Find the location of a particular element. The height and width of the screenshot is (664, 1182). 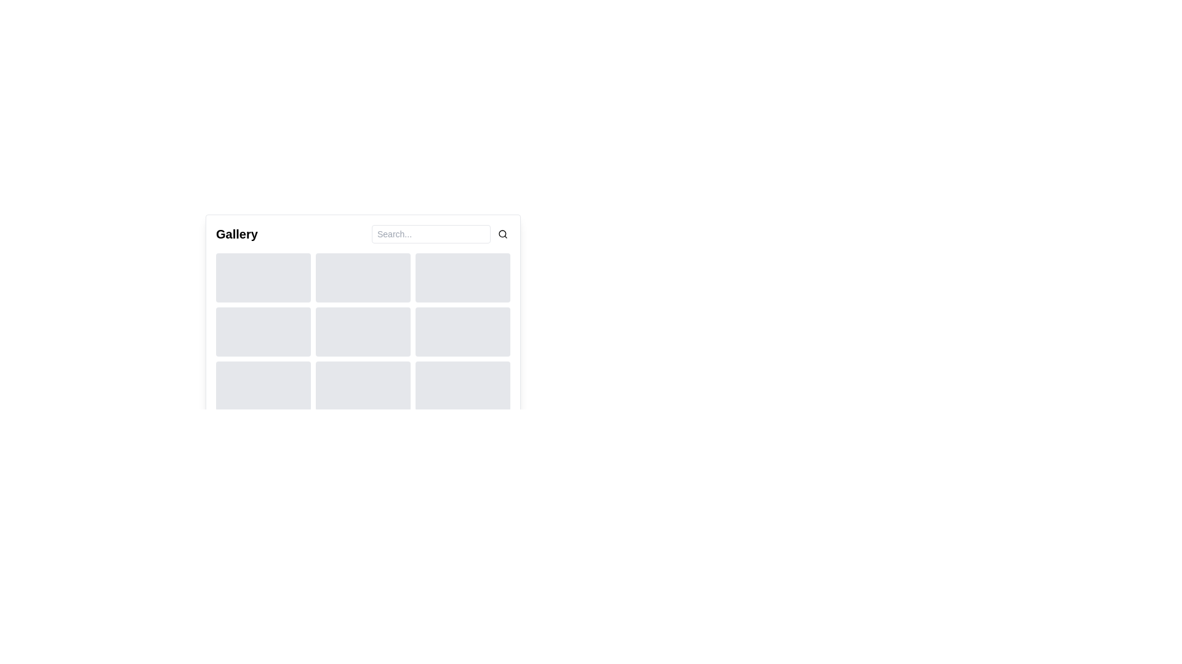

the rectangular box with rounded corners and light gray background located in the third column of the first row in a 3x3 grid layout is located at coordinates (462, 277).